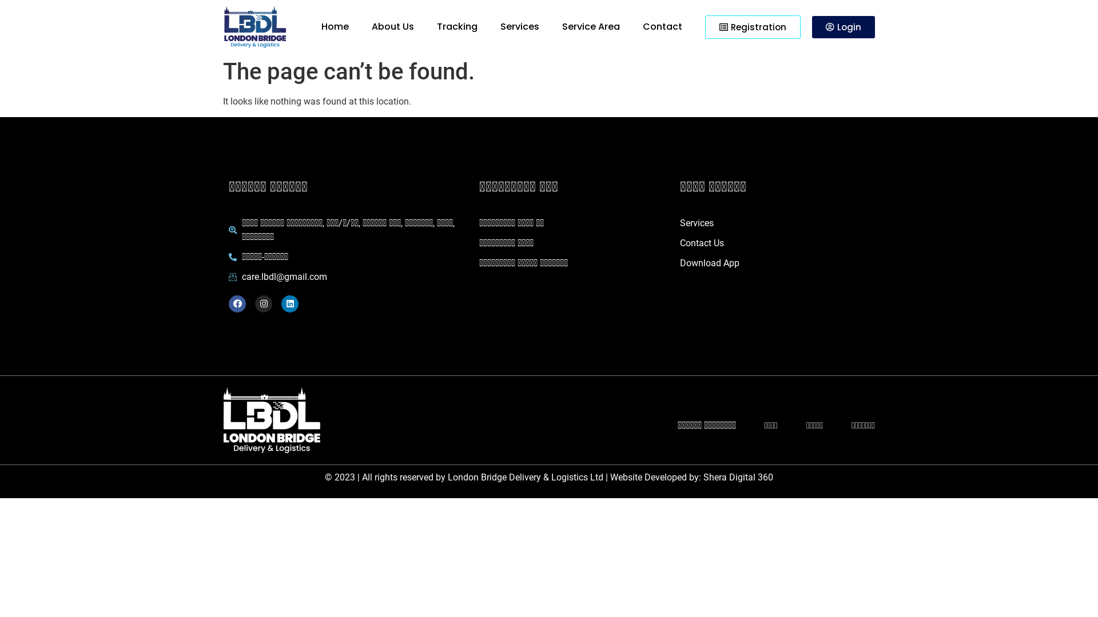 The width and height of the screenshot is (1098, 617). I want to click on 'Tracking', so click(456, 26).